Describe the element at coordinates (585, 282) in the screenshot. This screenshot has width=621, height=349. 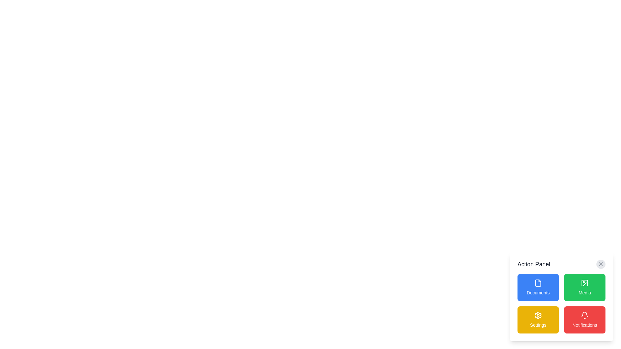
I see `the Media icon, which is centrally located within the green 'Media' button in the top-right section of the action panel` at that location.